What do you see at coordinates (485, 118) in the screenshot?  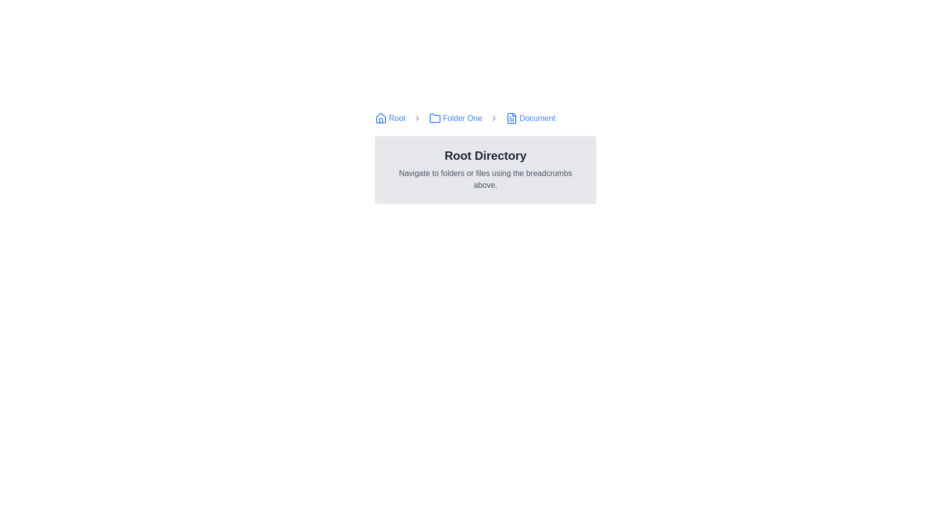 I see `the breadcrumb navigation component containing the text 'Root Folder One Document'` at bounding box center [485, 118].